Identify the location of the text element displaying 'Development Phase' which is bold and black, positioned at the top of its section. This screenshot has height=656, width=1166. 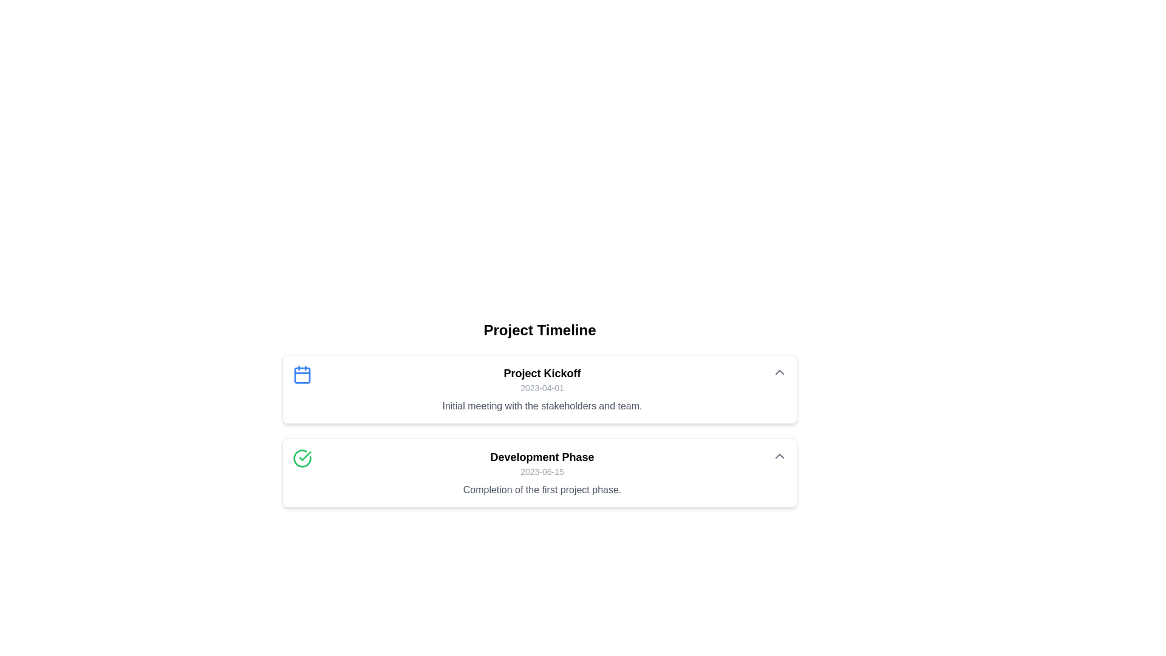
(541, 457).